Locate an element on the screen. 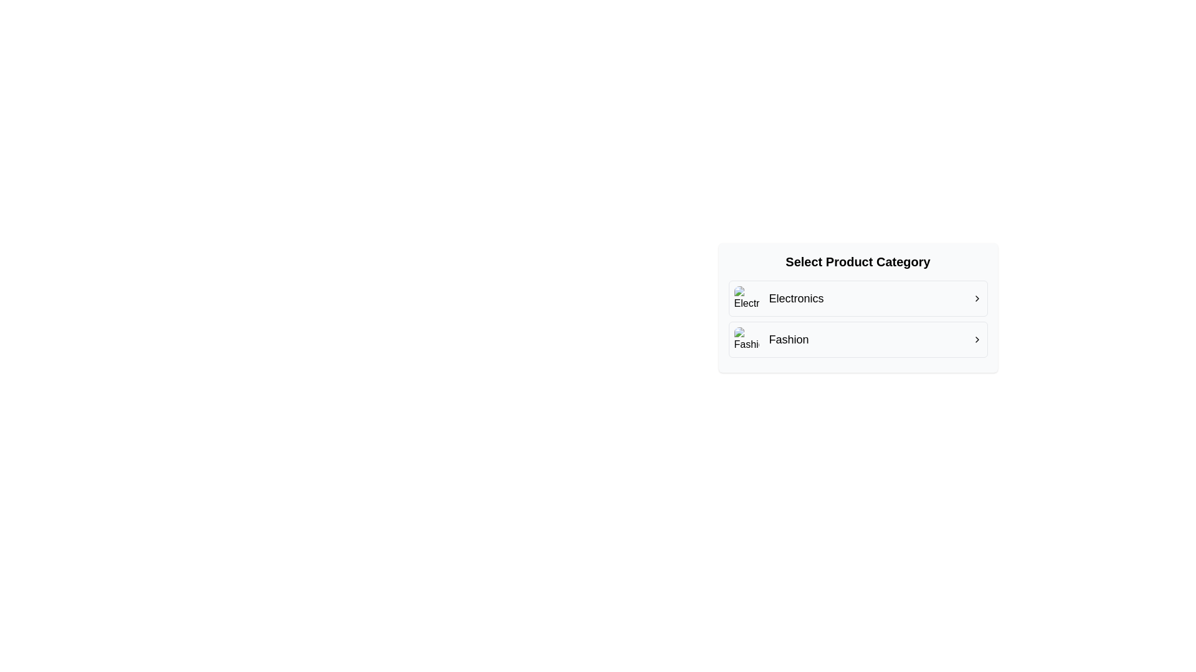 This screenshot has width=1196, height=672. the 'Fashion' category option button located beneath 'Electronics' in the selectable options list is located at coordinates (857, 340).